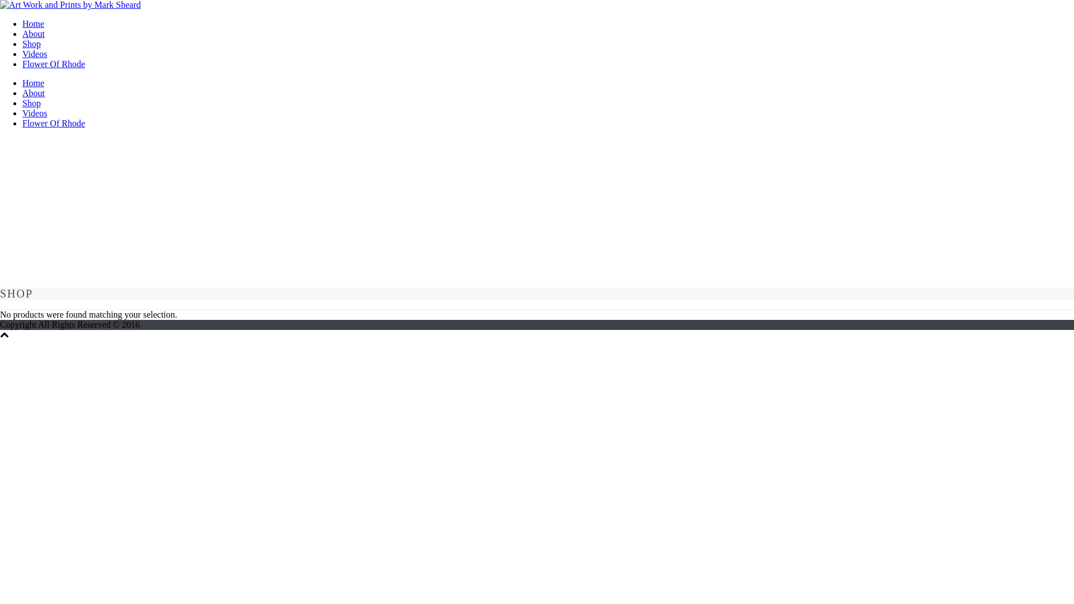 The image size is (1074, 604). I want to click on 'Videos', so click(35, 54).